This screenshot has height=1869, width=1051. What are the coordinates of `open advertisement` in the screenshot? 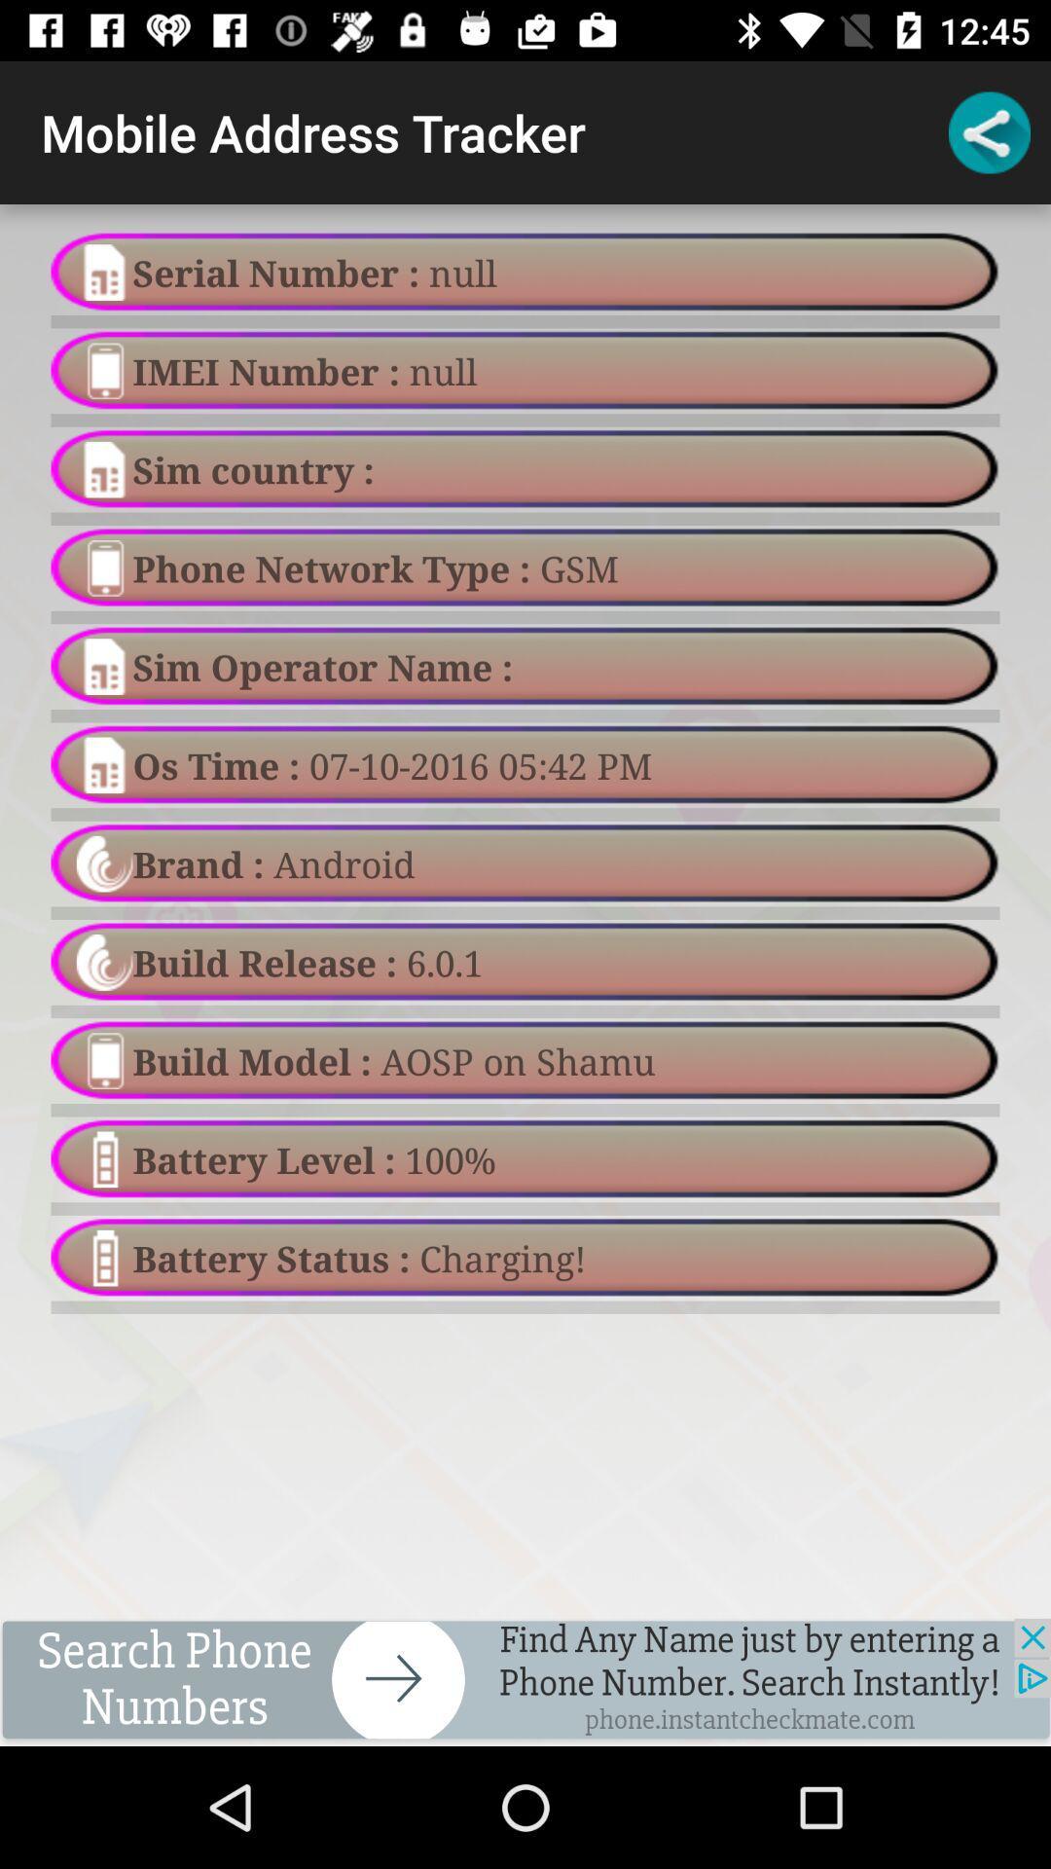 It's located at (525, 1681).